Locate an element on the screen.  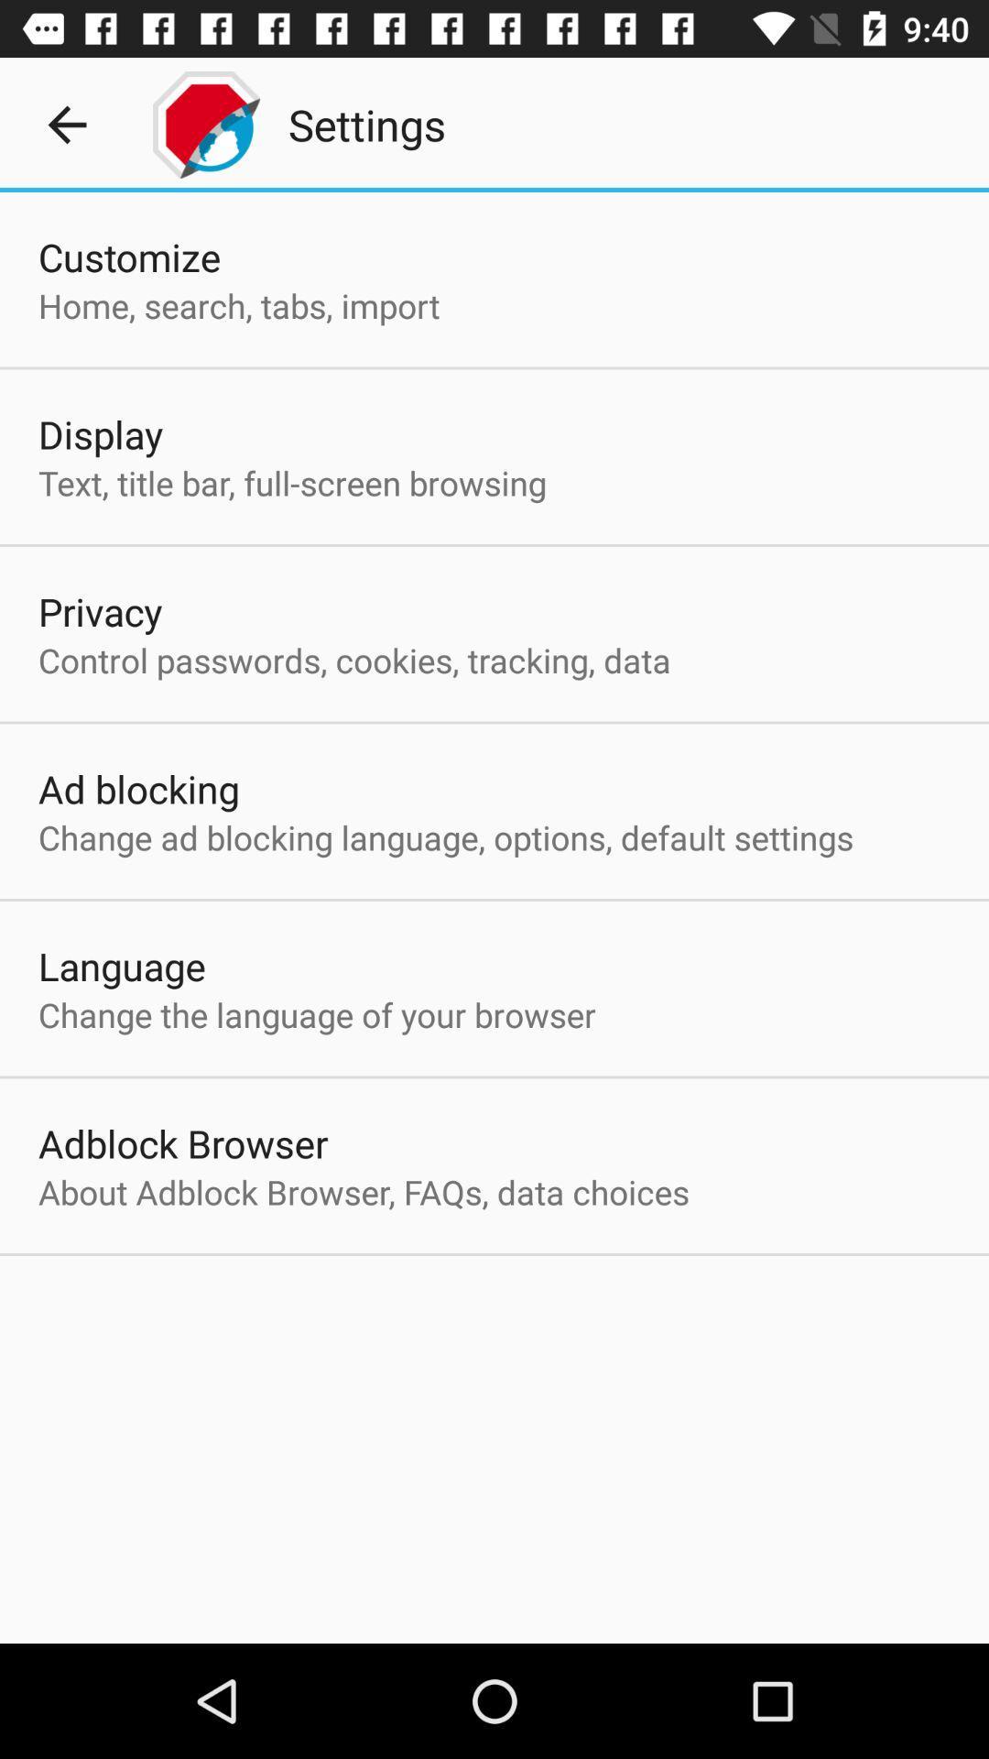
the text title bar icon is located at coordinates (291, 483).